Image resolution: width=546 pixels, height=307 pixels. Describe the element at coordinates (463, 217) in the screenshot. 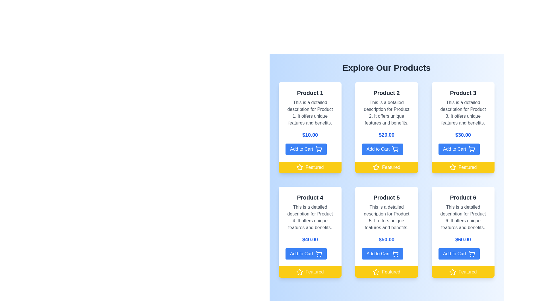

I see `the text block containing the description 'This is a detailed description for Product 6.' which is styled in gray and centrally aligned within the product information card` at that location.